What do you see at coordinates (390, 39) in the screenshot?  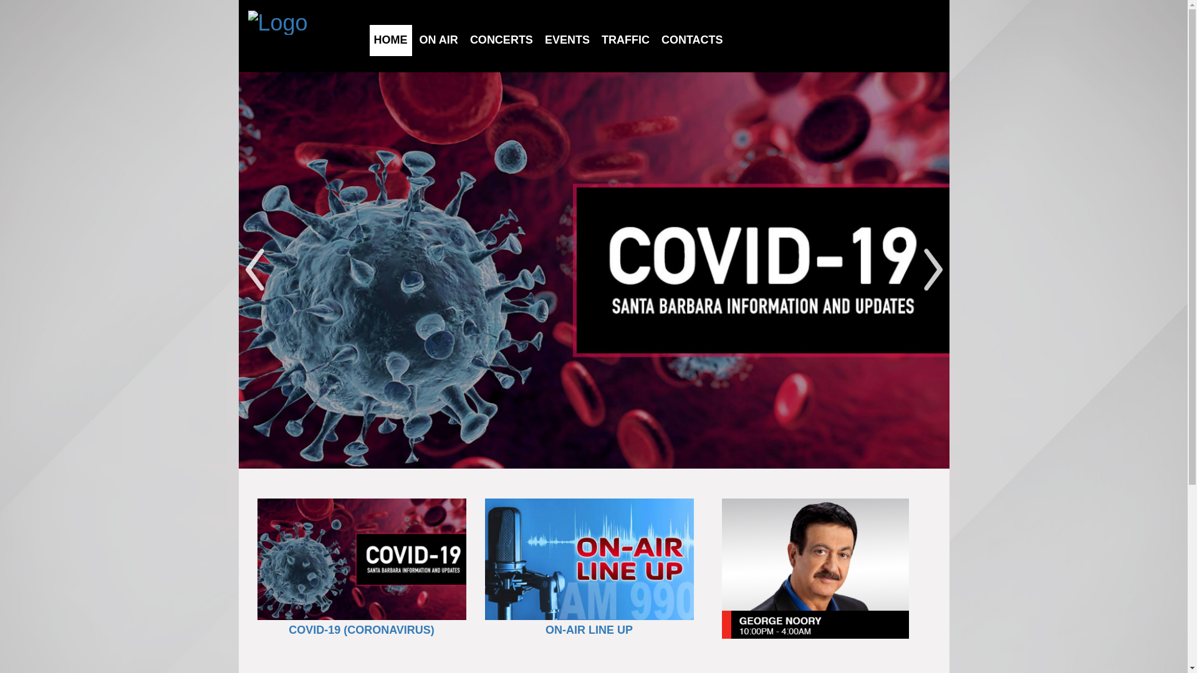 I see `'HOME'` at bounding box center [390, 39].